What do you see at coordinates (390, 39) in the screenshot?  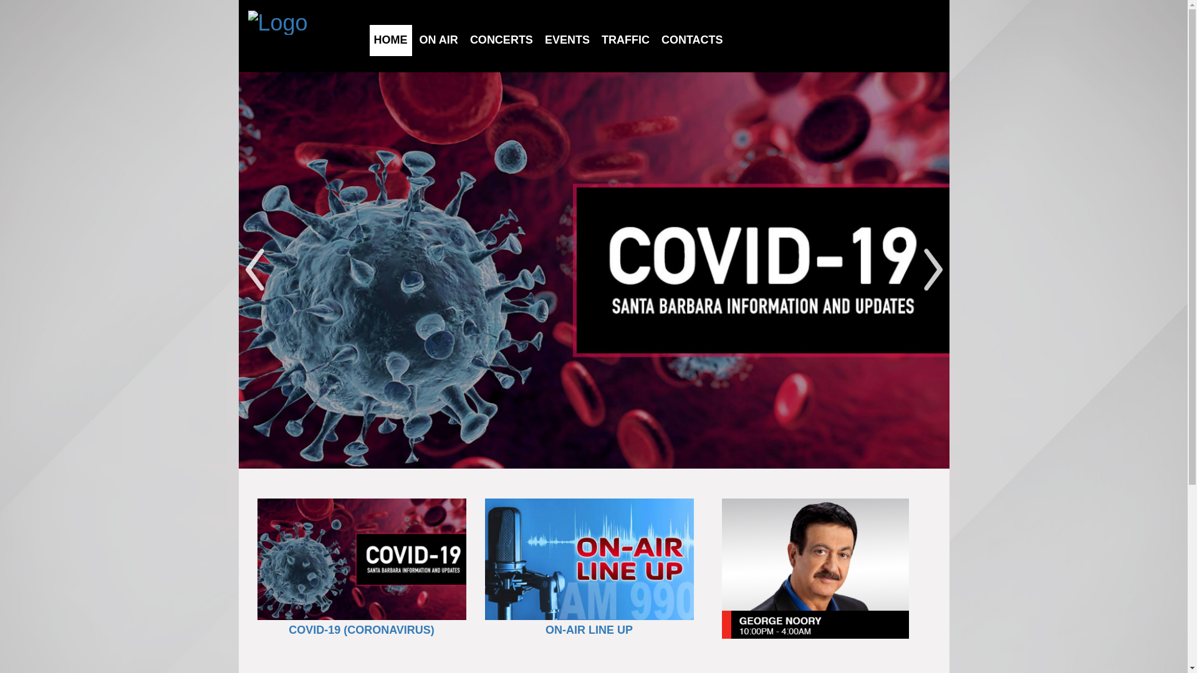 I see `'HOME'` at bounding box center [390, 39].